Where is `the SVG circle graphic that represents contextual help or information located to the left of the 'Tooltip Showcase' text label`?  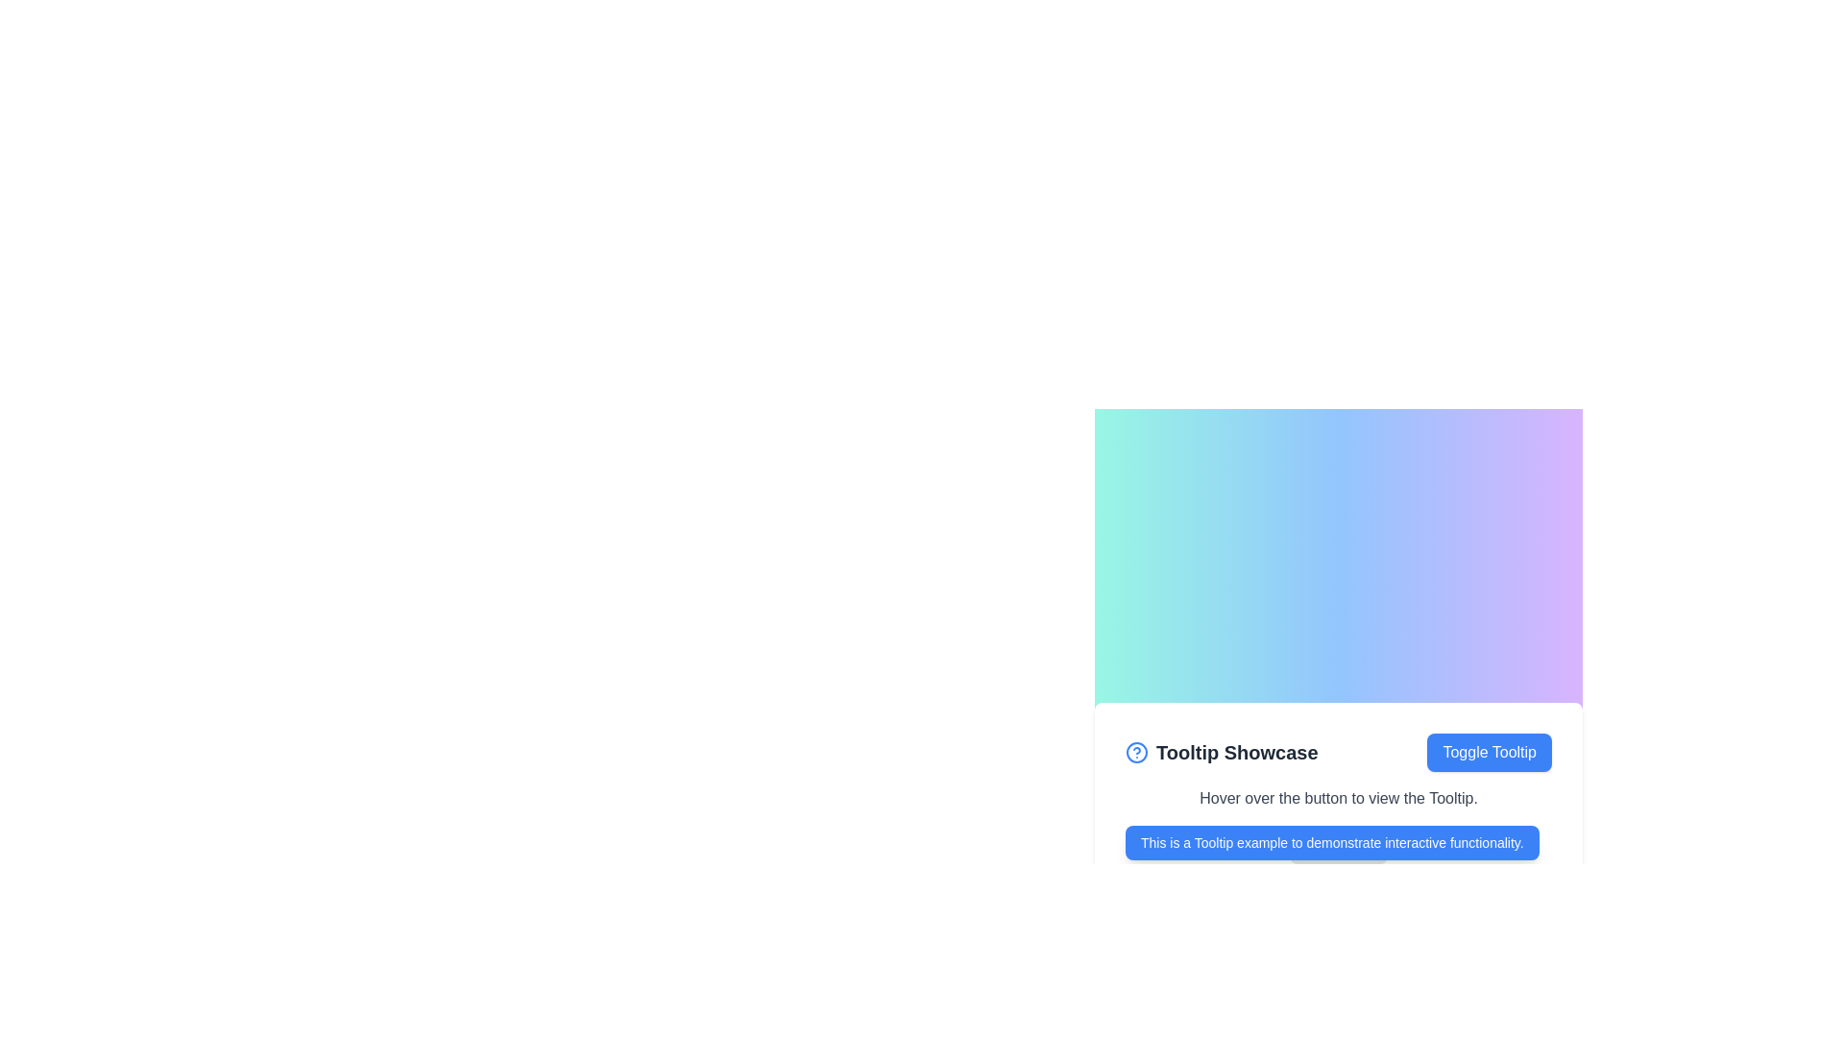 the SVG circle graphic that represents contextual help or information located to the left of the 'Tooltip Showcase' text label is located at coordinates (1137, 751).